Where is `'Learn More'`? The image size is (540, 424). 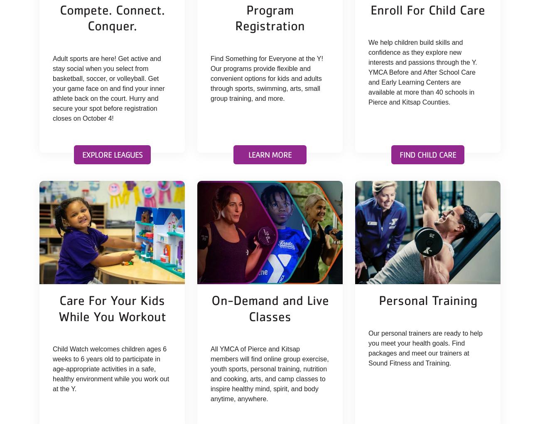
'Learn More' is located at coordinates (248, 154).